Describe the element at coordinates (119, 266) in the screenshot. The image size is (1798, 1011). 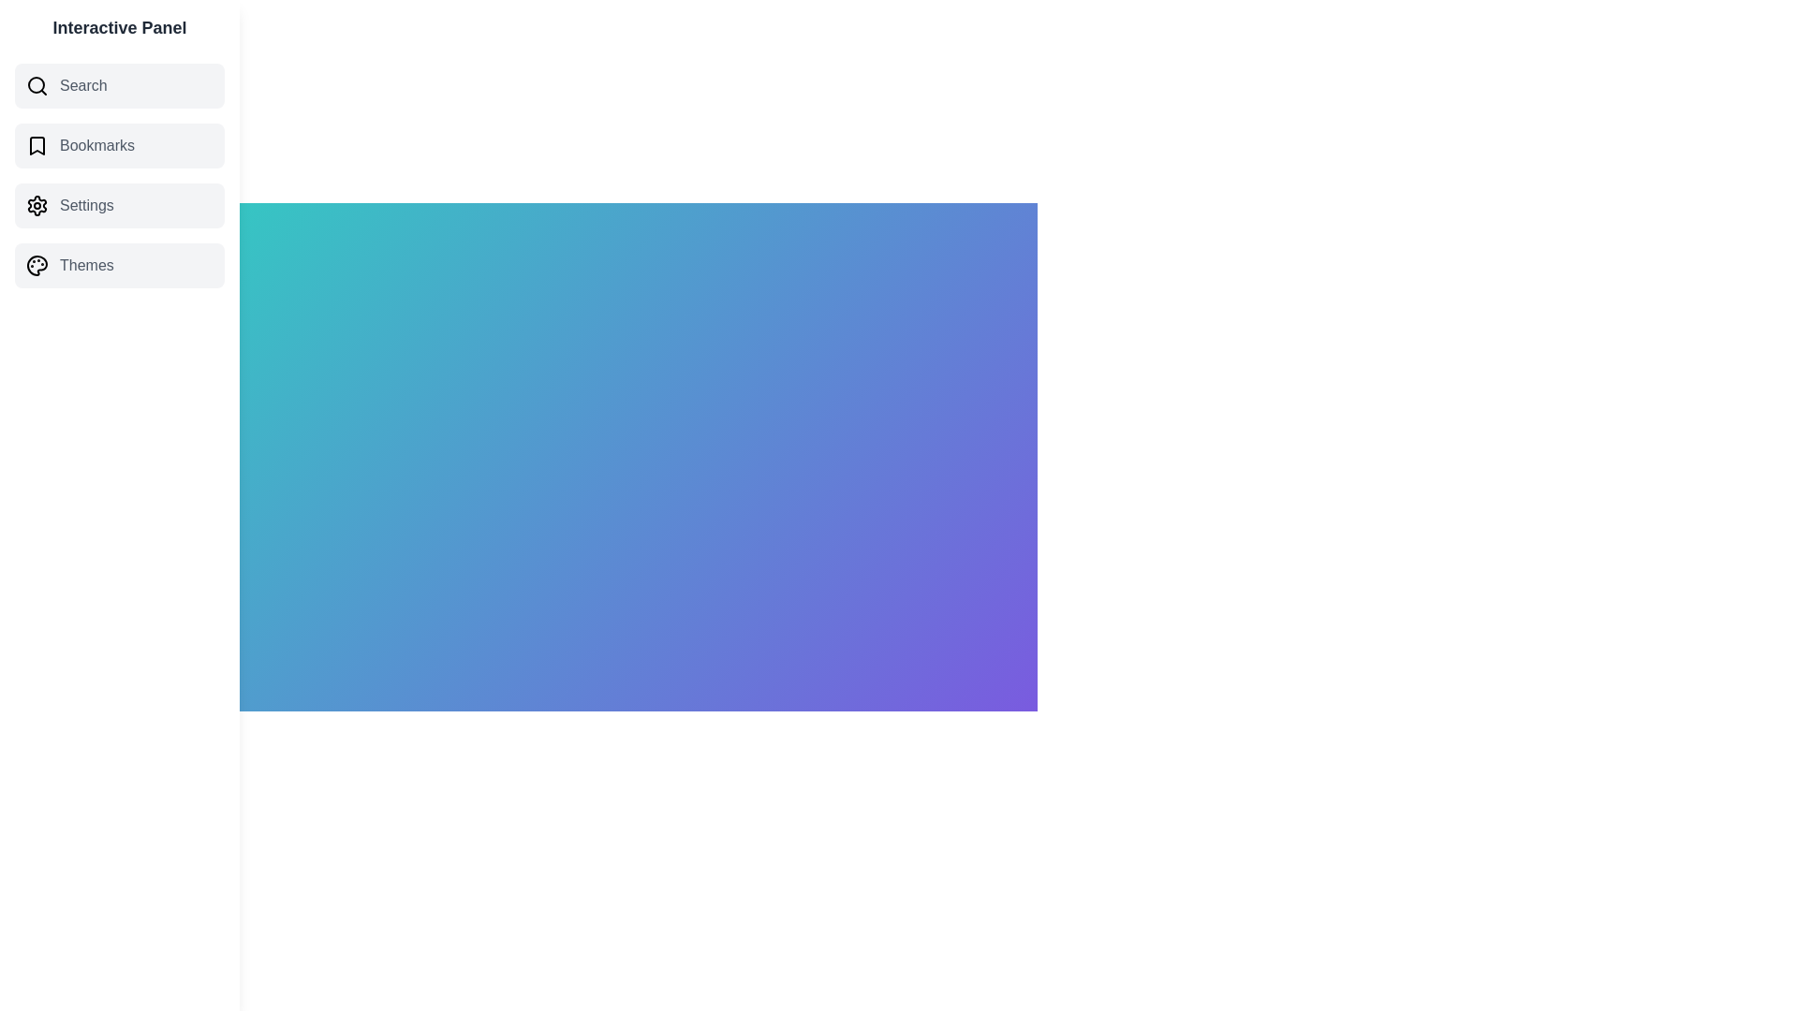
I see `the category Themes from the list` at that location.